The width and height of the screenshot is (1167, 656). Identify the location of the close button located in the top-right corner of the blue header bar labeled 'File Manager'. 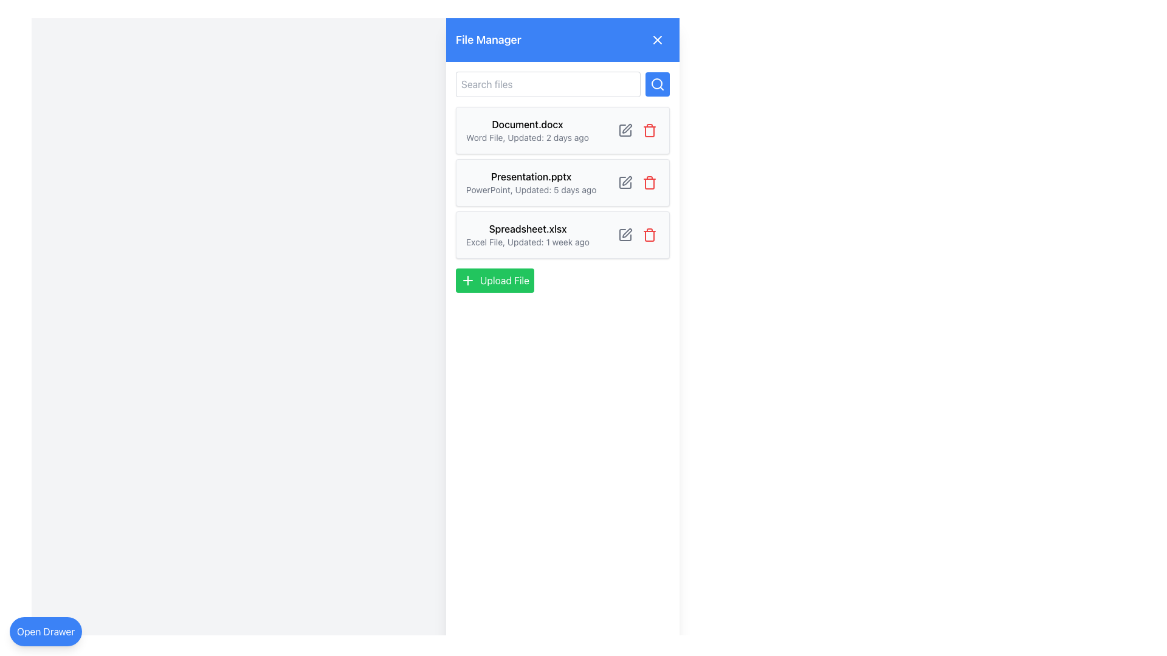
(656, 39).